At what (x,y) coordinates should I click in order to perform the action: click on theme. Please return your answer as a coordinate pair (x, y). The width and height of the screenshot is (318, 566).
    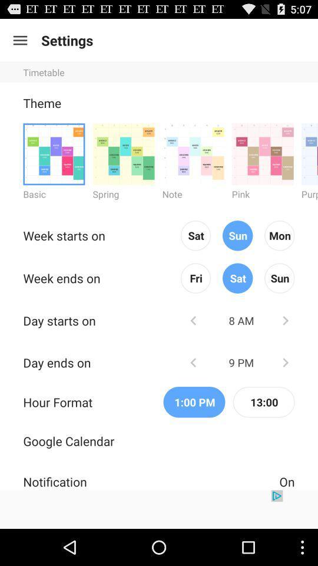
    Looking at the image, I should click on (263, 153).